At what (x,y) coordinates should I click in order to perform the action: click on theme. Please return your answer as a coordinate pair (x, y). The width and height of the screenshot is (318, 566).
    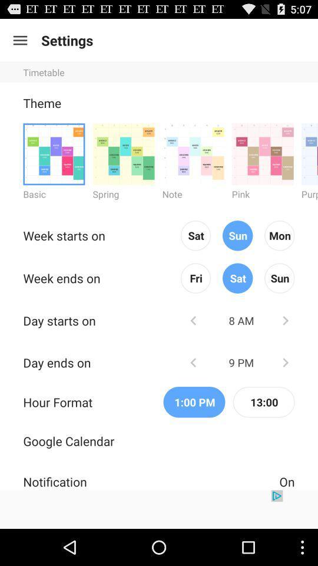
    Looking at the image, I should click on (263, 153).